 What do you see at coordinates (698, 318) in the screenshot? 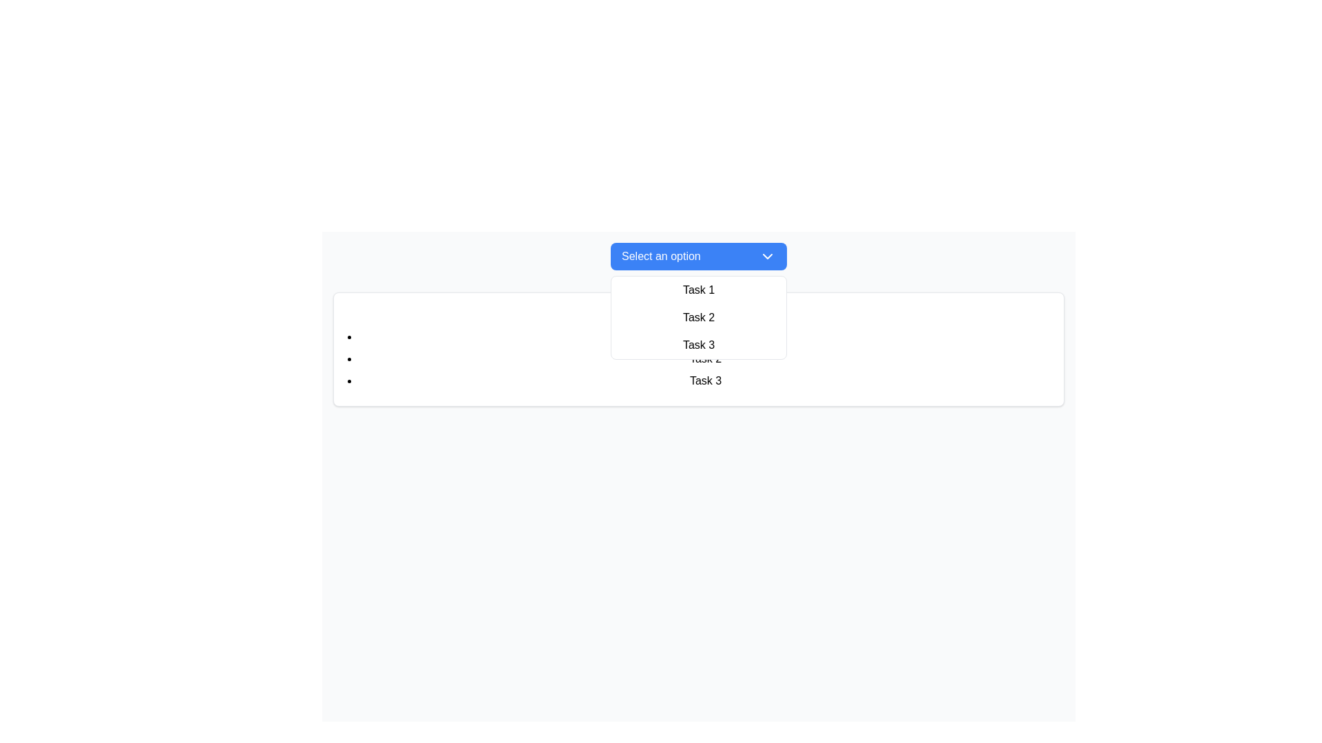
I see `the item in the dropdown menu located below the blue button labeled 'Select an option'` at bounding box center [698, 318].